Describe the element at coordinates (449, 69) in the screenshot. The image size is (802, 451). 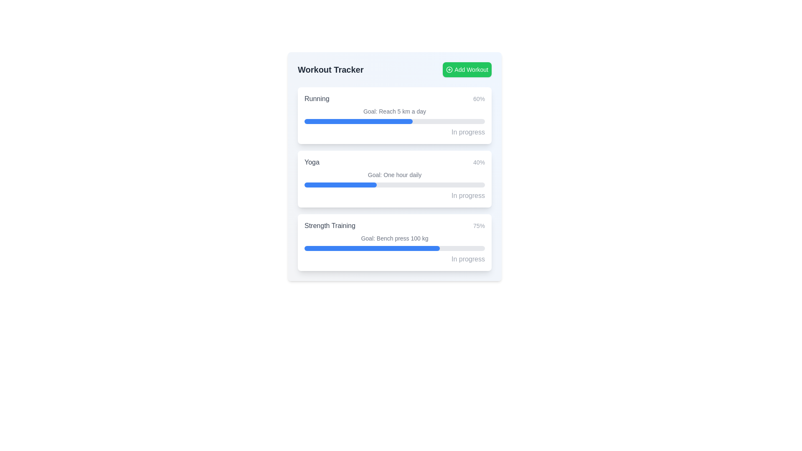
I see `the 'Add Workout' button including the adjacent icon` at that location.